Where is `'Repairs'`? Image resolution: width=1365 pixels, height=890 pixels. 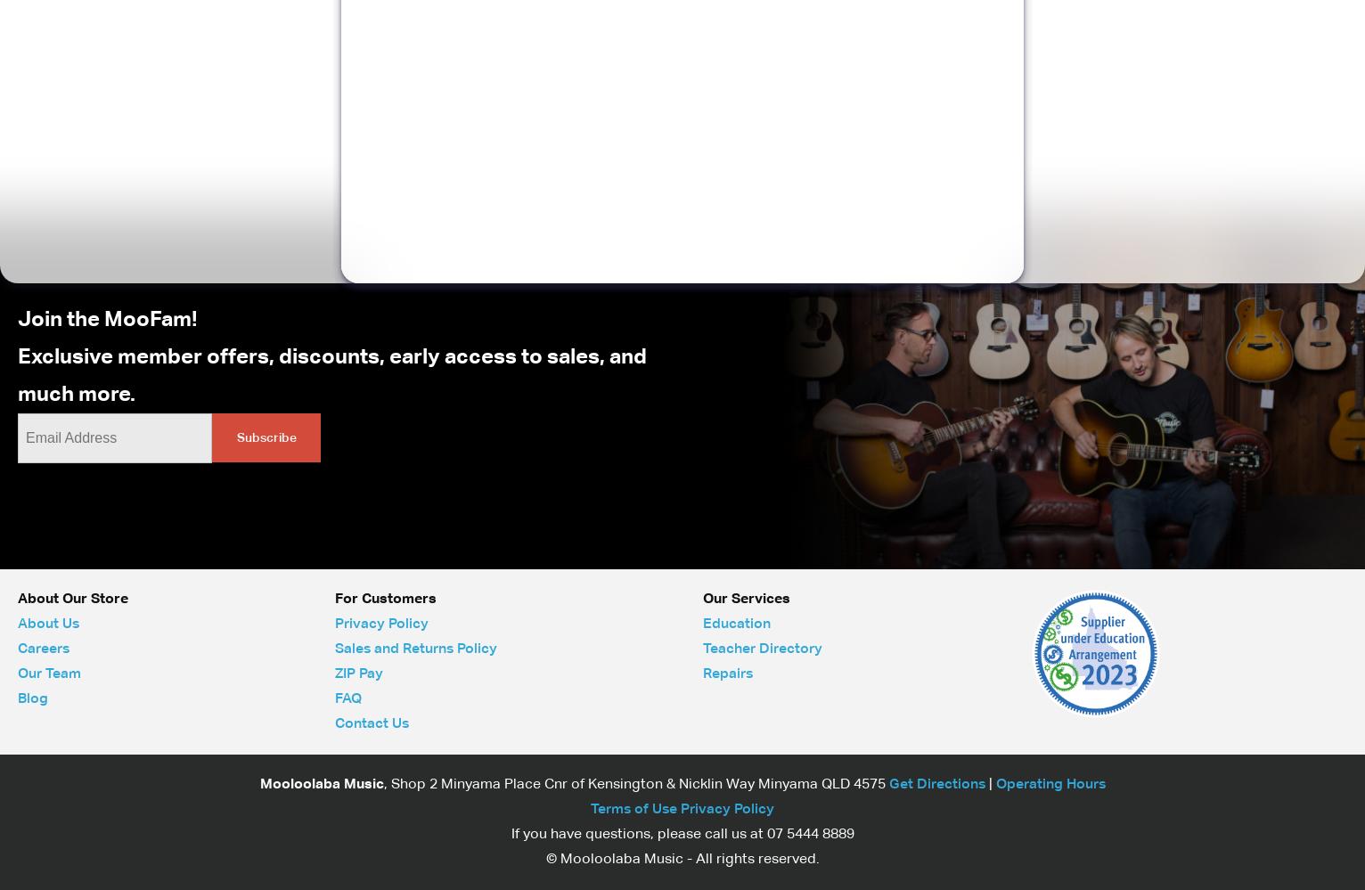
'Repairs' is located at coordinates (728, 673).